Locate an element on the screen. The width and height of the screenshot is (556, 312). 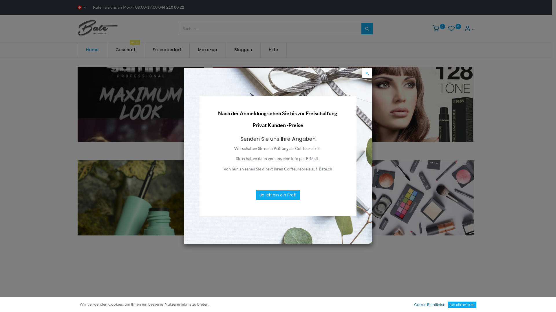
'Make-up' is located at coordinates (189, 50).